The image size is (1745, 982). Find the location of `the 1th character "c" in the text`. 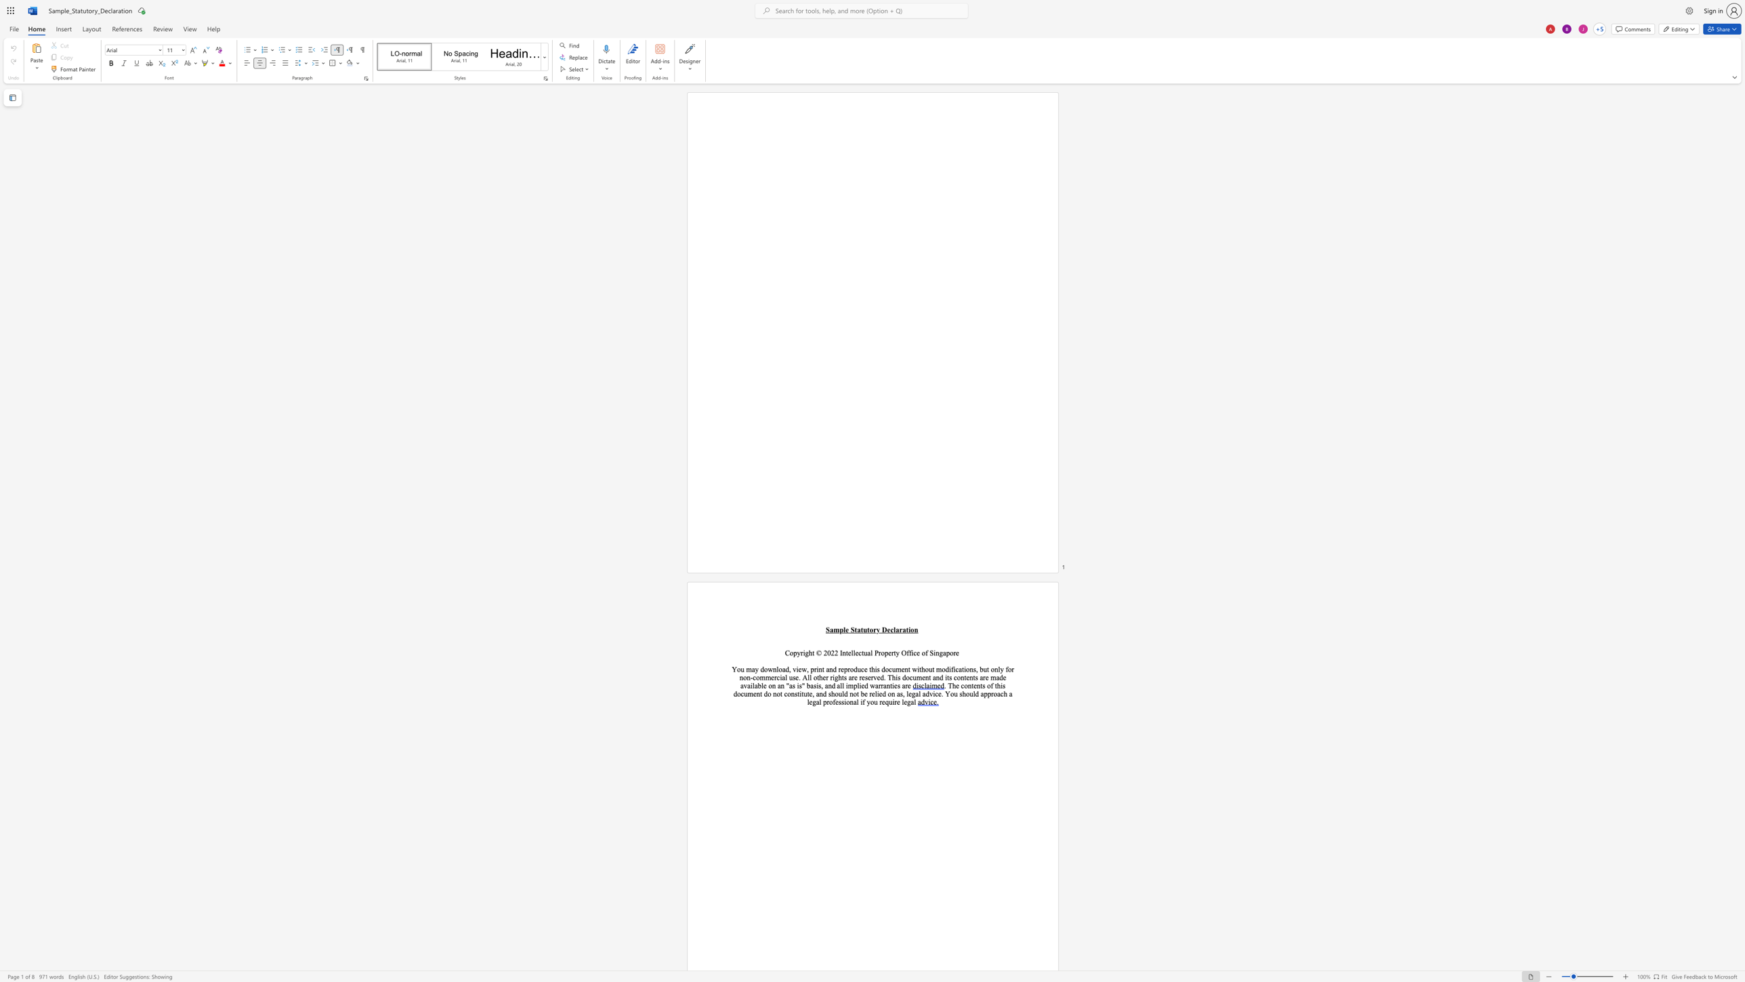

the 1th character "c" in the text is located at coordinates (891, 630).